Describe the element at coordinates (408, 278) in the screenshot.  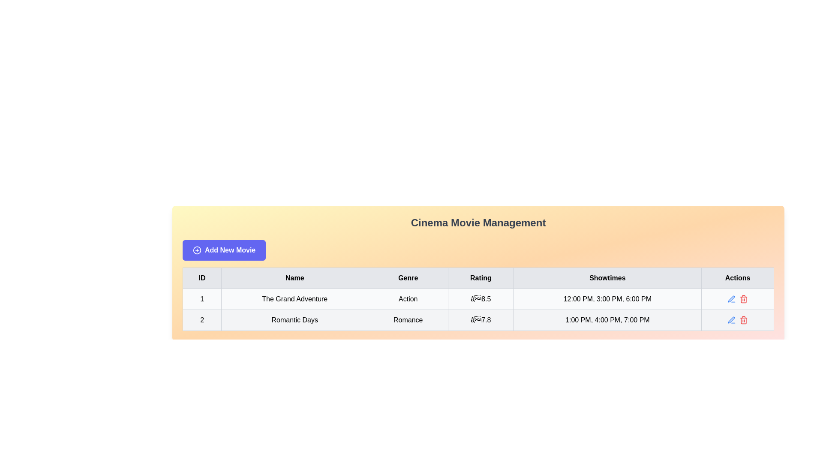
I see `the 'Genre' table header cell` at that location.